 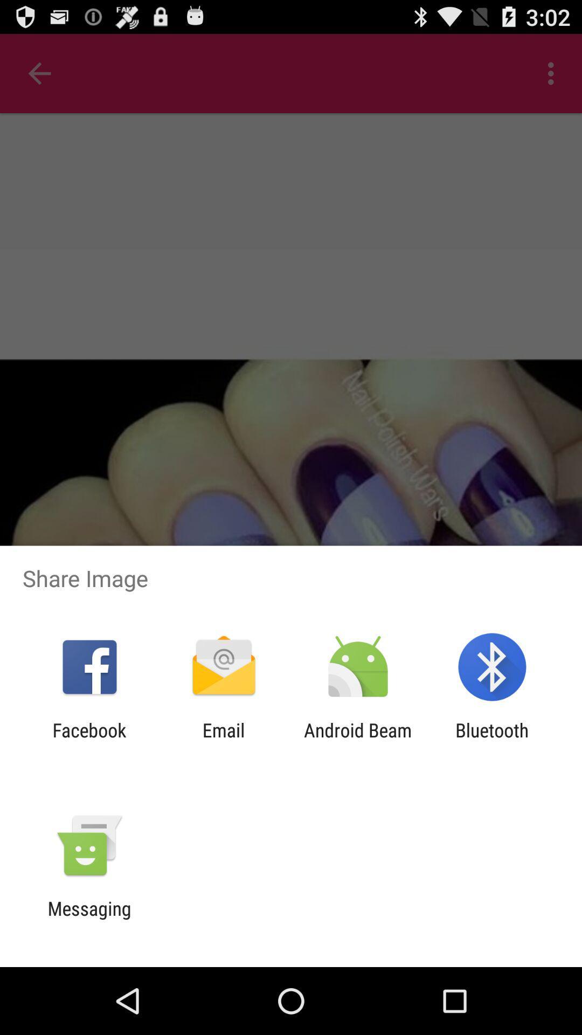 What do you see at coordinates (492, 741) in the screenshot?
I see `bluetooth item` at bounding box center [492, 741].